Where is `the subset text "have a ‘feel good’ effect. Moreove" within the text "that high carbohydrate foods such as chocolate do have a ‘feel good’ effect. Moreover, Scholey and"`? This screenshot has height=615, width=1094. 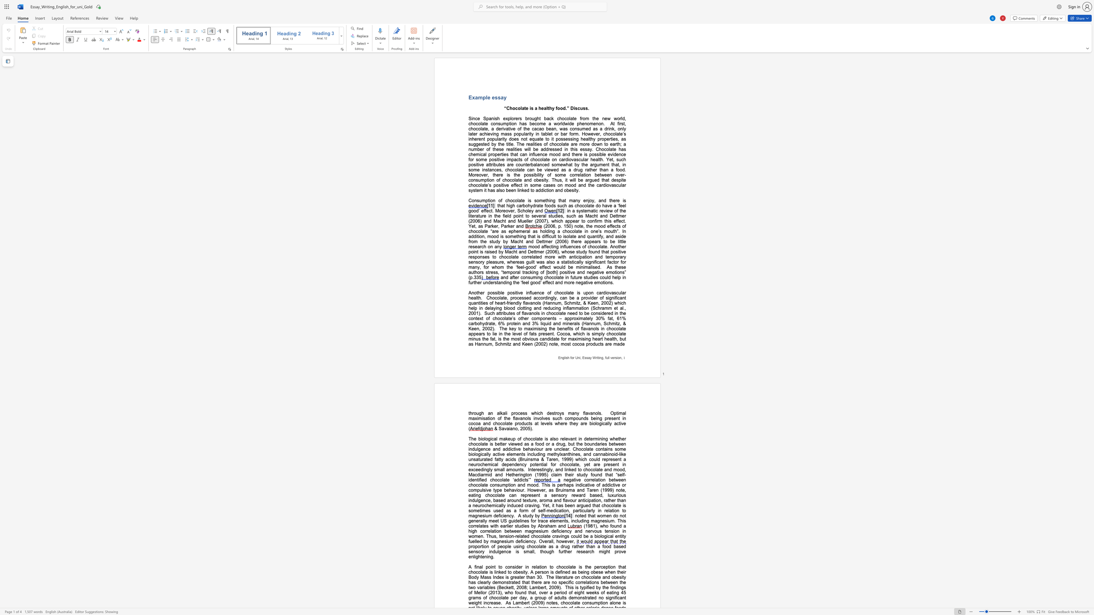
the subset text "have a ‘feel good’ effect. Moreove" within the text "that high carbohydrate foods such as chocolate do have a ‘feel good’ effect. Moreover, Scholey and" is located at coordinates (602, 205).